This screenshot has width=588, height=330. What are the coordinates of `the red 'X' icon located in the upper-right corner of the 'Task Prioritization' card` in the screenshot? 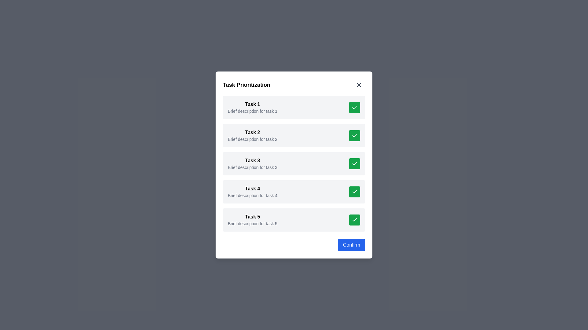 It's located at (359, 85).